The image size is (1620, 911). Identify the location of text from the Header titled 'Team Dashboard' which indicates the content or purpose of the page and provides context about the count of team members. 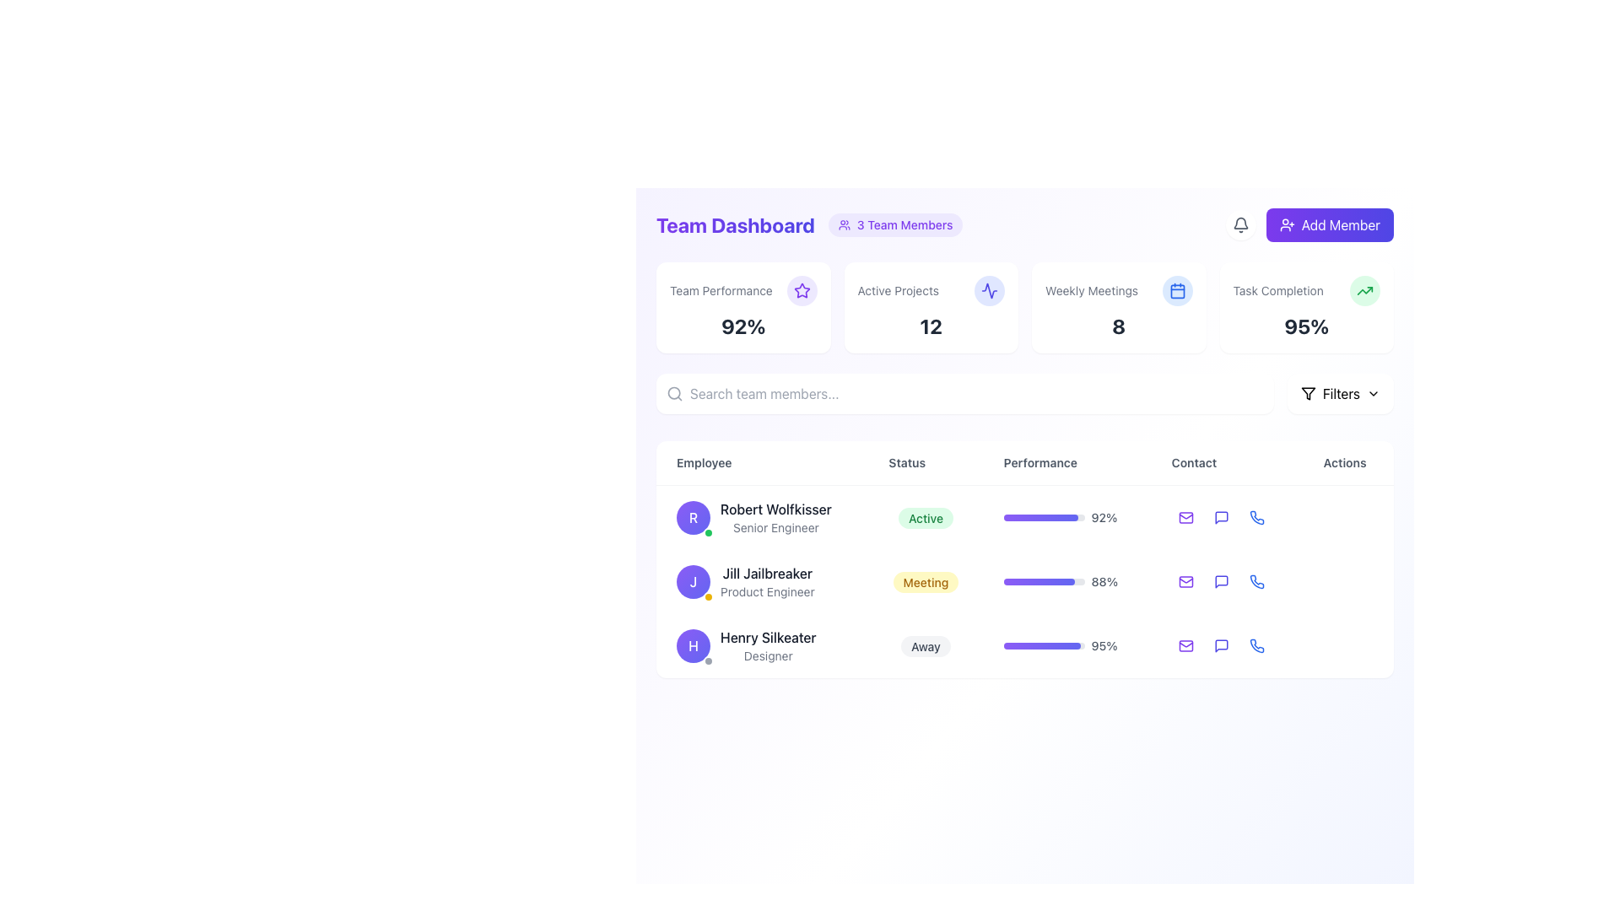
(808, 224).